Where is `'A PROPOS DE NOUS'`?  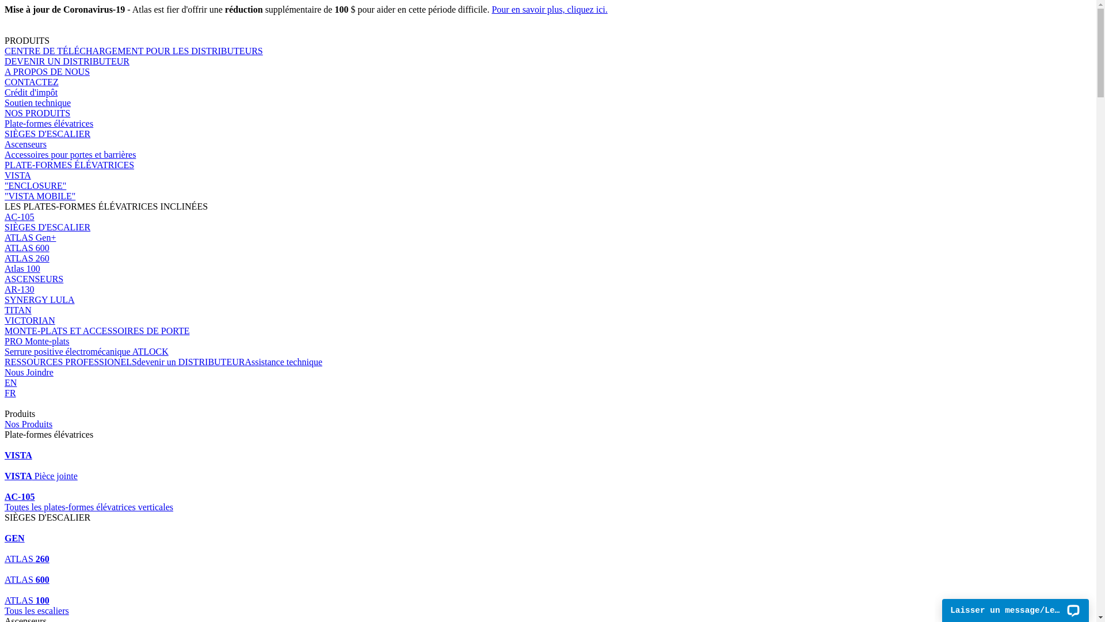
'A PROPOS DE NOUS' is located at coordinates (5, 71).